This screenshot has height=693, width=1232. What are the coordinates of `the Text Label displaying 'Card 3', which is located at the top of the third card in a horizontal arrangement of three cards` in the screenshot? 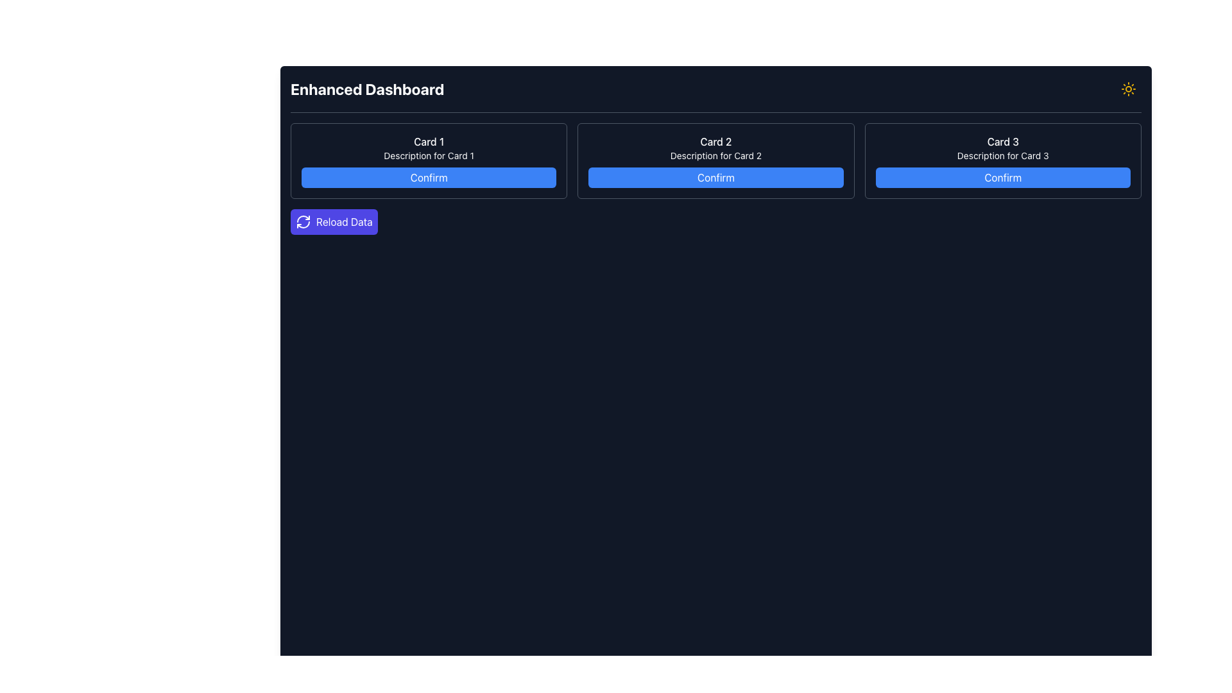 It's located at (1002, 141).